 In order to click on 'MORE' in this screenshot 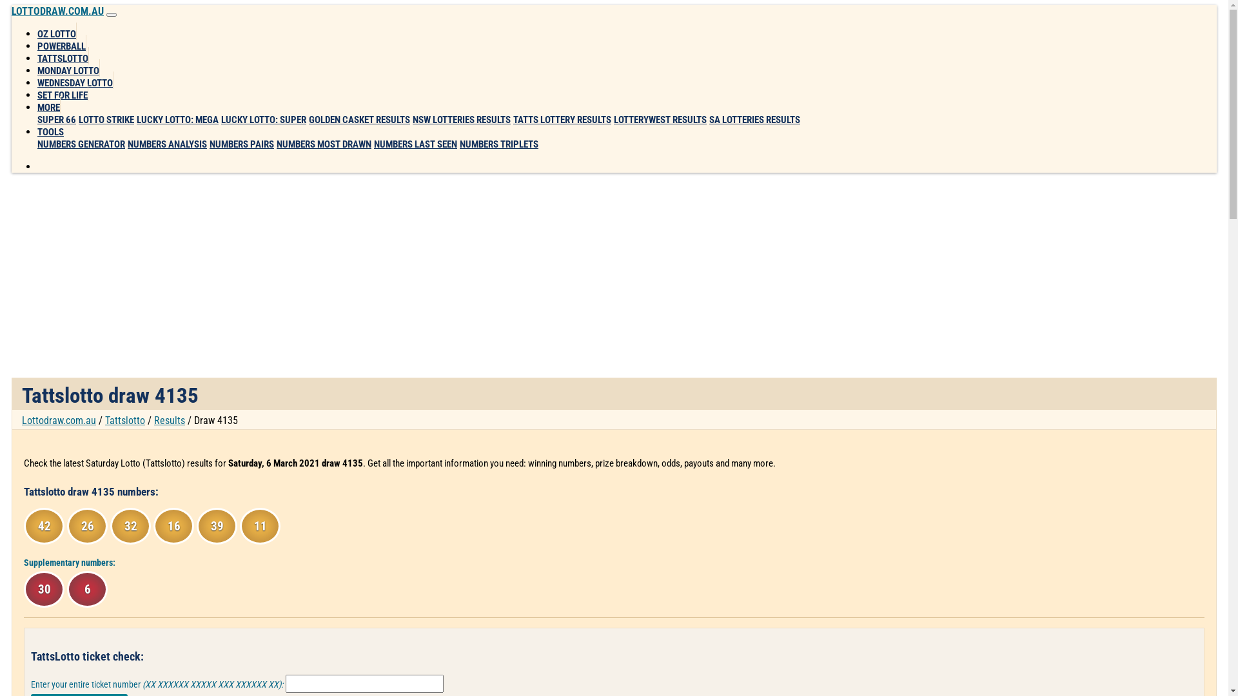, I will do `click(37, 104)`.